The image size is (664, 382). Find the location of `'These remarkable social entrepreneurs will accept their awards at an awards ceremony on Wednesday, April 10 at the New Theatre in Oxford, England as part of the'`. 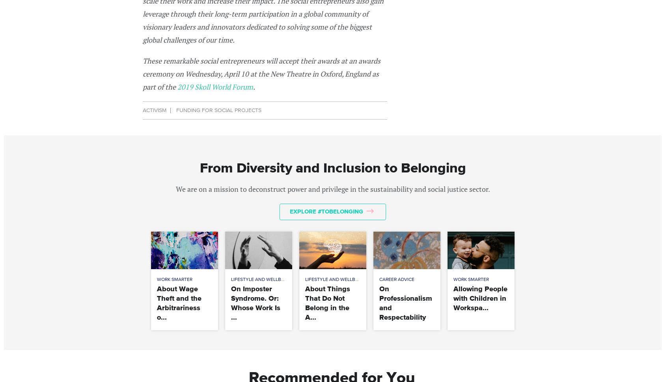

'These remarkable social entrepreneurs will accept their awards at an awards ceremony on Wednesday, April 10 at the New Theatre in Oxford, England as part of the' is located at coordinates (143, 73).